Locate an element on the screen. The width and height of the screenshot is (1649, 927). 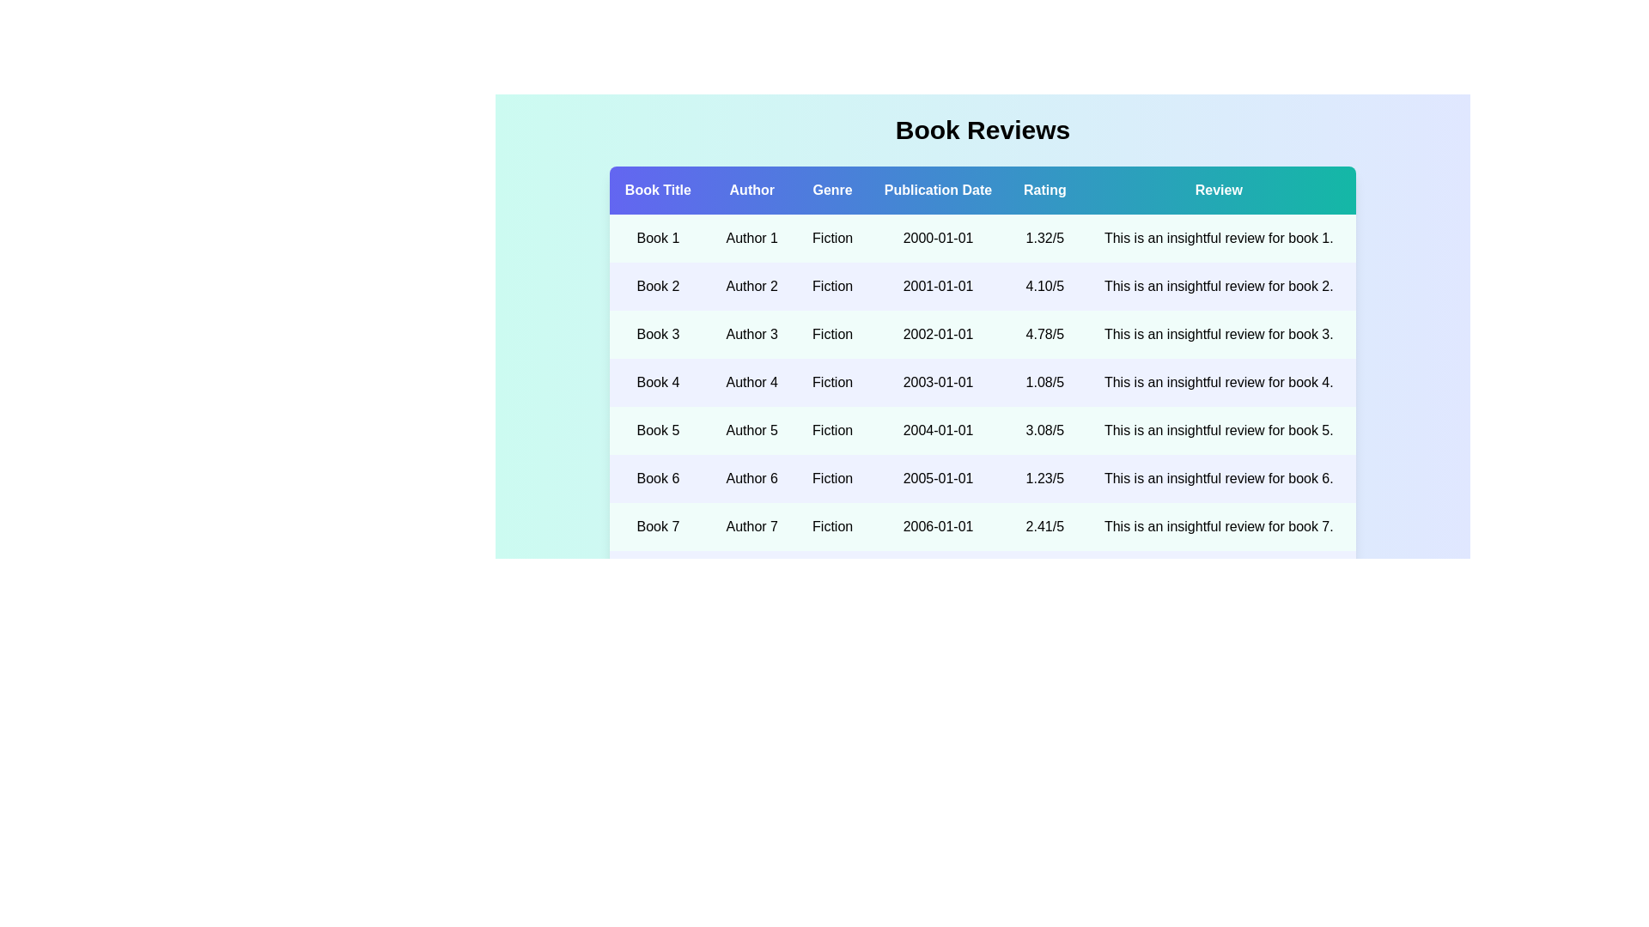
the row corresponding to 7 is located at coordinates (983, 525).